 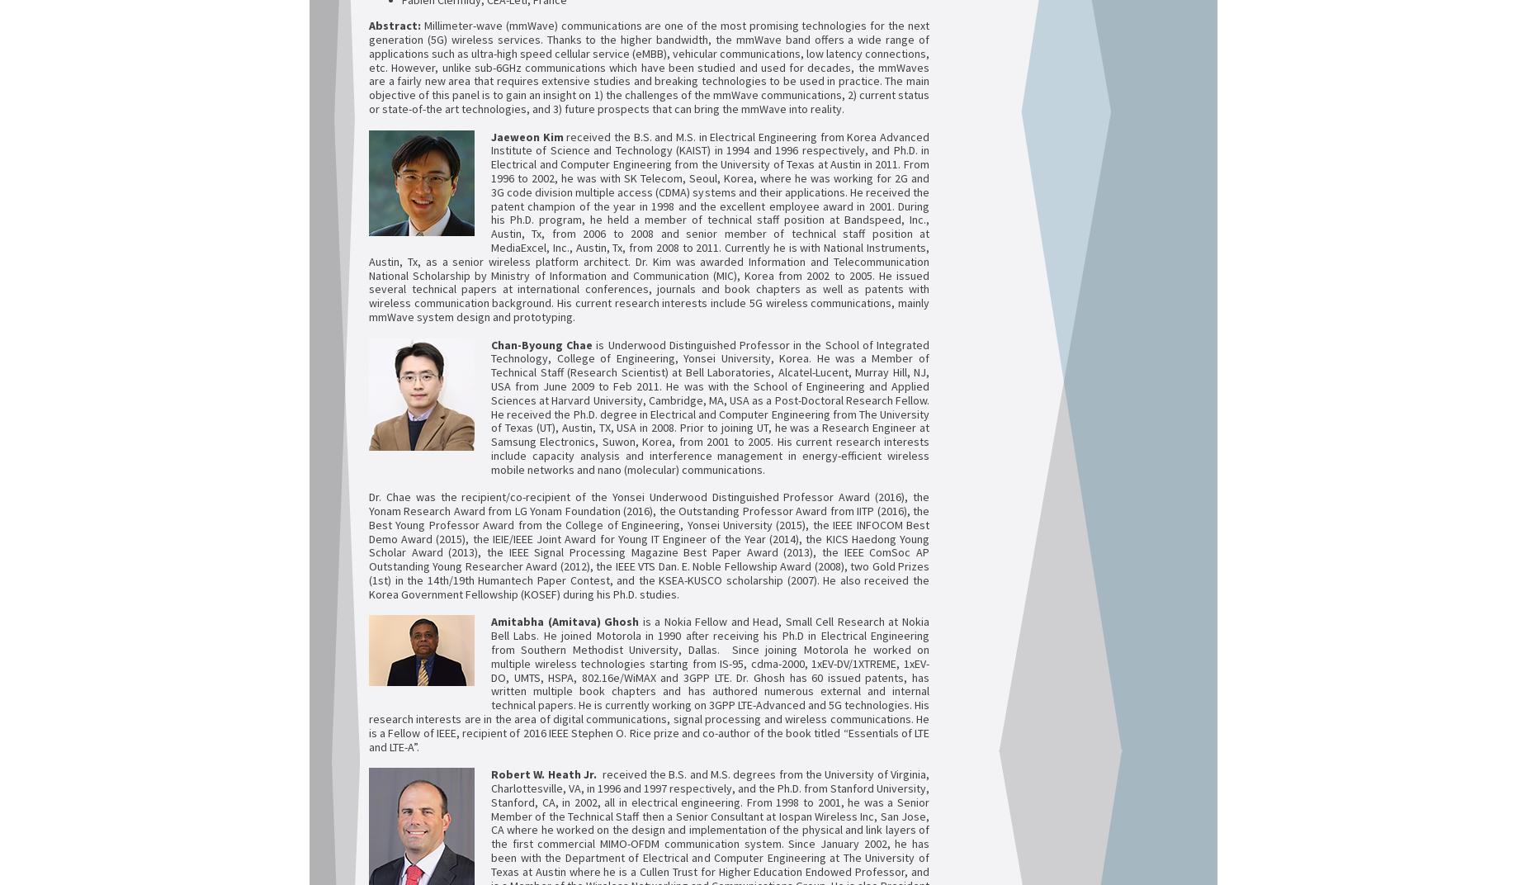 I want to click on 'is a Nokia Fellow and Head, Small Cell Research at Nokia Bell Labs. He joined Motorola in 1990 after receiving his Ph.D in Electrical Engineering from Southern Methodist University, Dallas.  Since joining Motorola he worked on multiple wireless technologies starting from IS-95, cdma-2000, 1xEV-DV/1XTREME, 1xEV-DO, UMTS, HSPA, 802.16e/WiMAX and 3GPP LTE. Dr. Ghosh has 60 issued patents, has written multiple book chapters and has authored numerous external and internal technical papers. He is currently working on 3GPP LTE-Advanced and 5G technologies. His research interests are in the area of digital communications, signal processing and wireless communications. He is a Fellow of IEEE, recipient of 2016 IEEE Stephen O. Rice prize and co-author of the book titled “Essentials of LTE and LTE-A”.', so click(x=649, y=683).